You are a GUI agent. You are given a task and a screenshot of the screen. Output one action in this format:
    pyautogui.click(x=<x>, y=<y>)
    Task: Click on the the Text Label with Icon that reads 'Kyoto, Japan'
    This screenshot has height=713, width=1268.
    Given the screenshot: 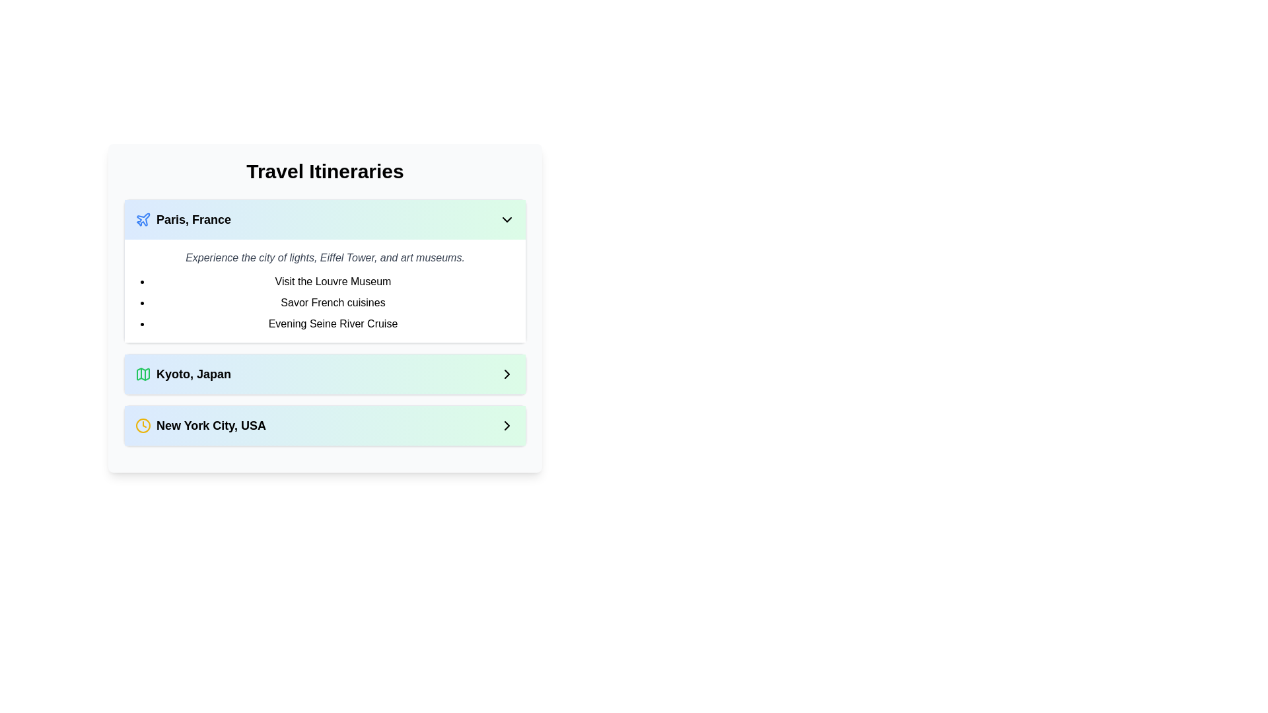 What is the action you would take?
    pyautogui.click(x=182, y=374)
    